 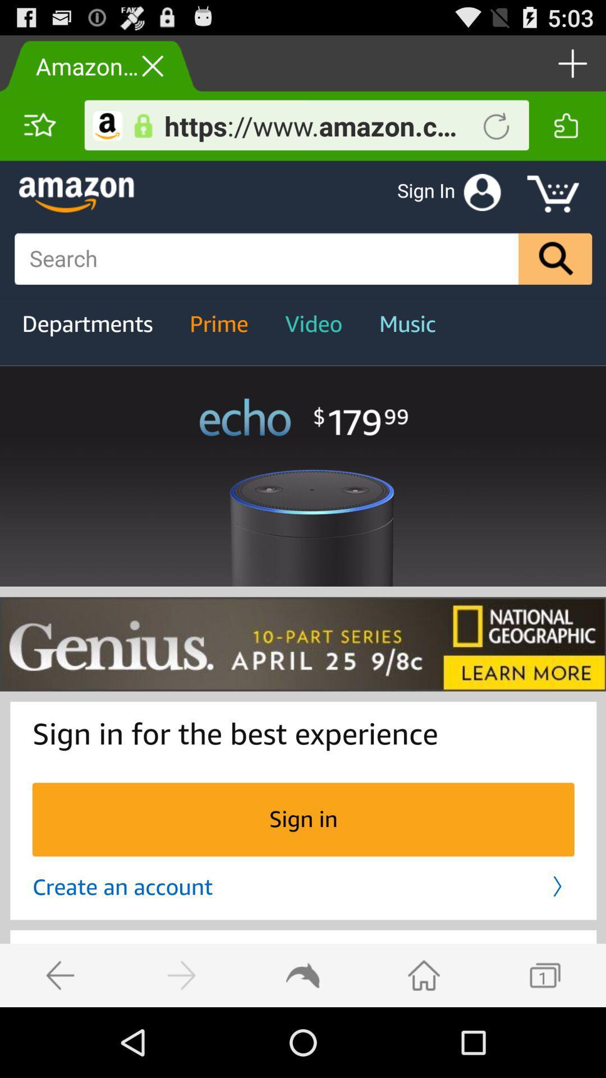 I want to click on new tab, so click(x=571, y=62).